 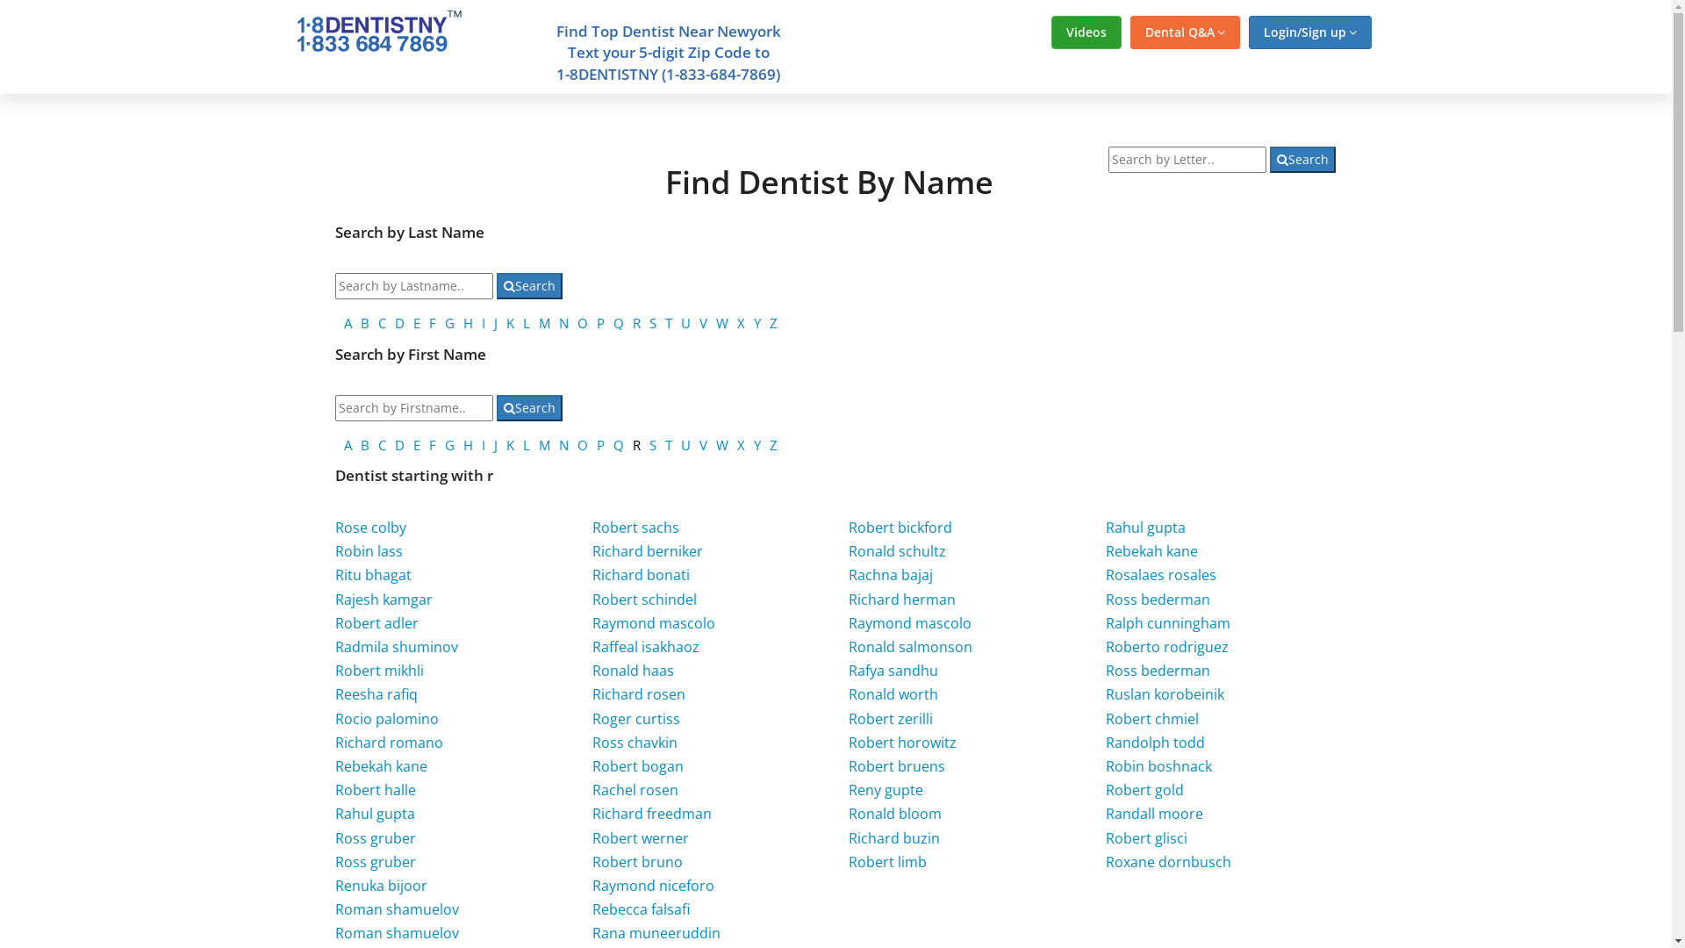 What do you see at coordinates (754, 443) in the screenshot?
I see `'Y'` at bounding box center [754, 443].